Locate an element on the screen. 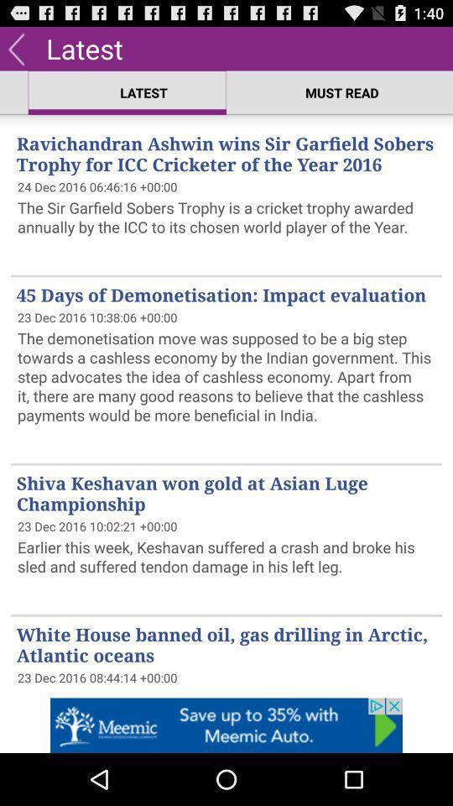  connect to advertisement is located at coordinates (226, 725).